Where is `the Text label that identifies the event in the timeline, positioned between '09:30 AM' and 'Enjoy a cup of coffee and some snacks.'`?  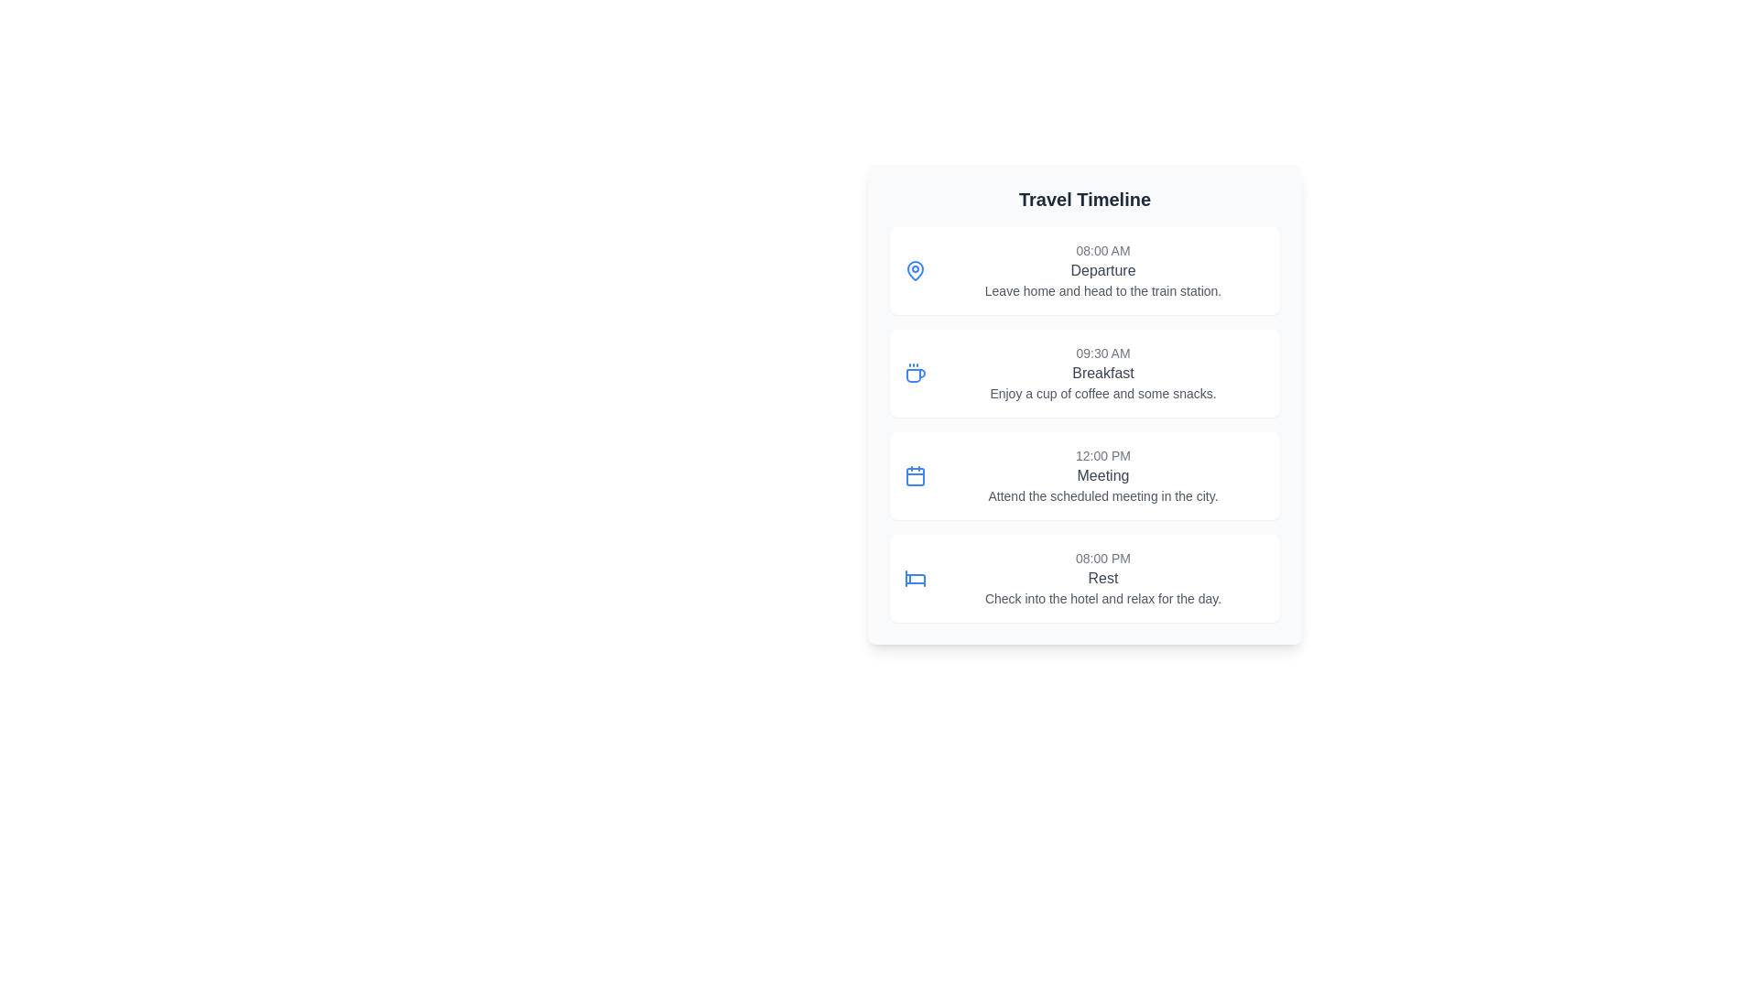
the Text label that identifies the event in the timeline, positioned between '09:30 AM' and 'Enjoy a cup of coffee and some snacks.' is located at coordinates (1101, 373).